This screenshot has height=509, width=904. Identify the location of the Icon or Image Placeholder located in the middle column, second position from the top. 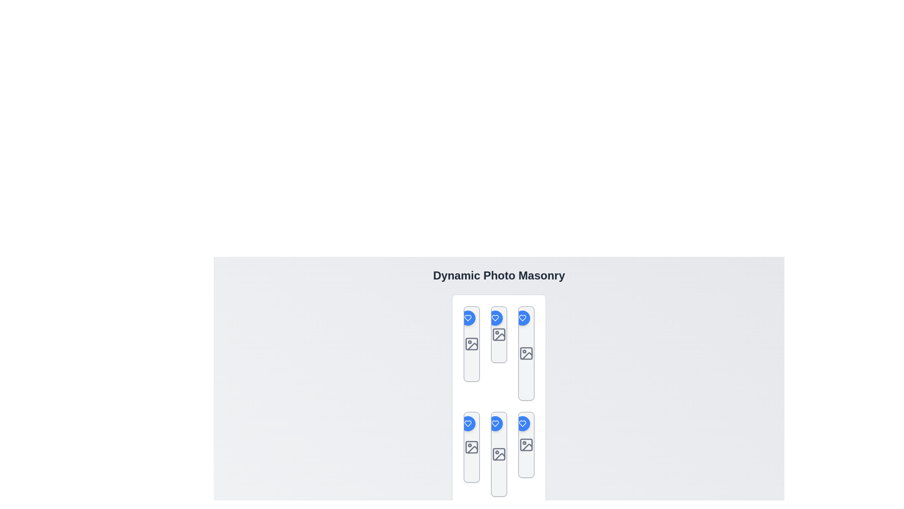
(499, 334).